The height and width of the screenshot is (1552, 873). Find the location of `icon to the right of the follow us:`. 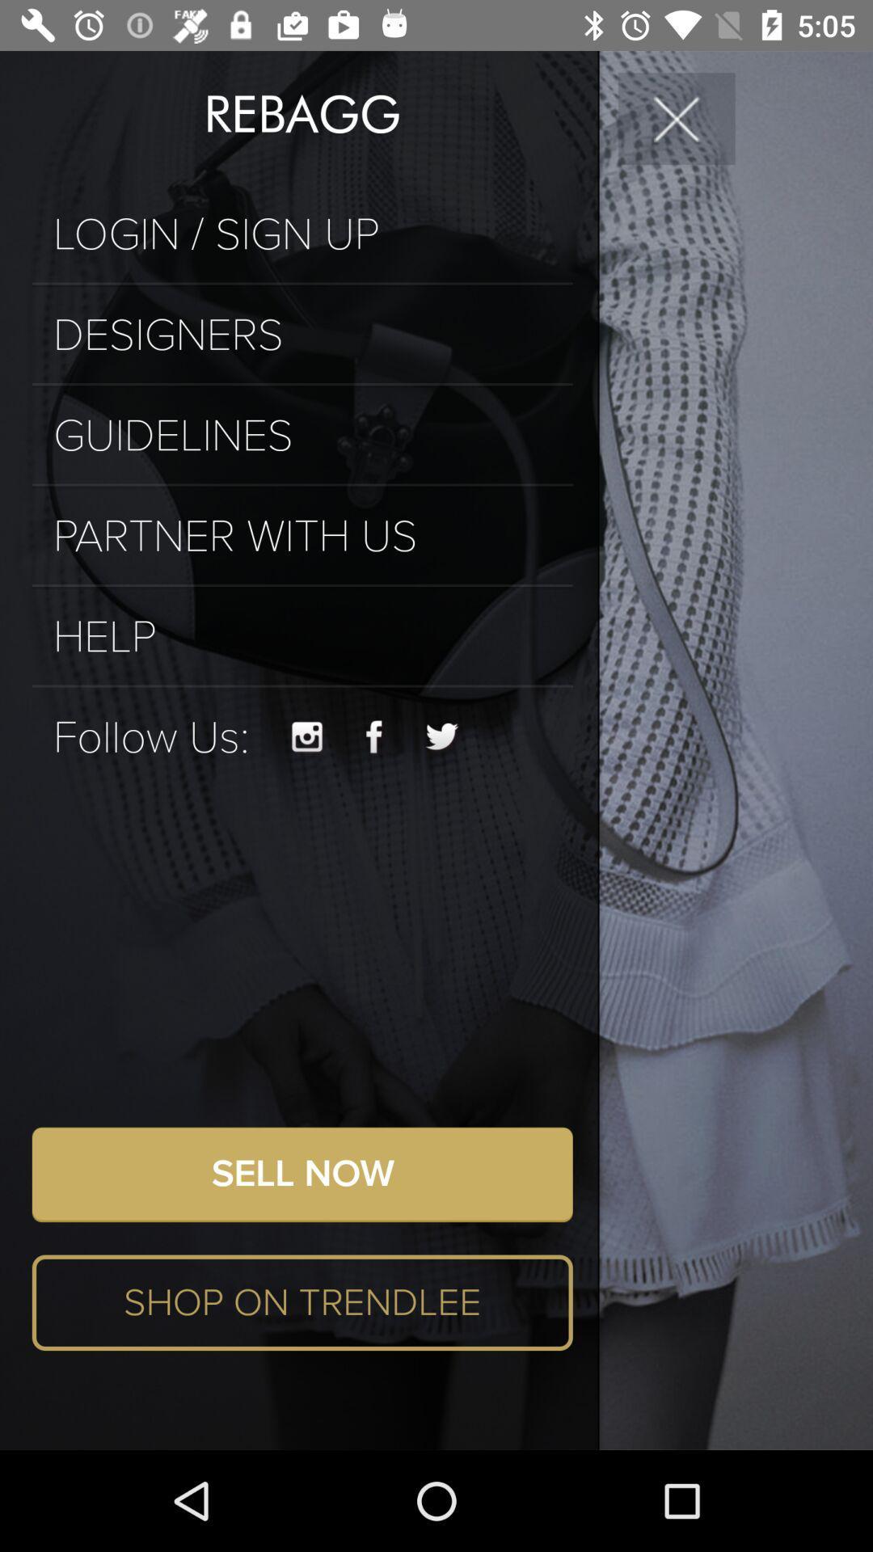

icon to the right of the follow us: is located at coordinates (307, 736).